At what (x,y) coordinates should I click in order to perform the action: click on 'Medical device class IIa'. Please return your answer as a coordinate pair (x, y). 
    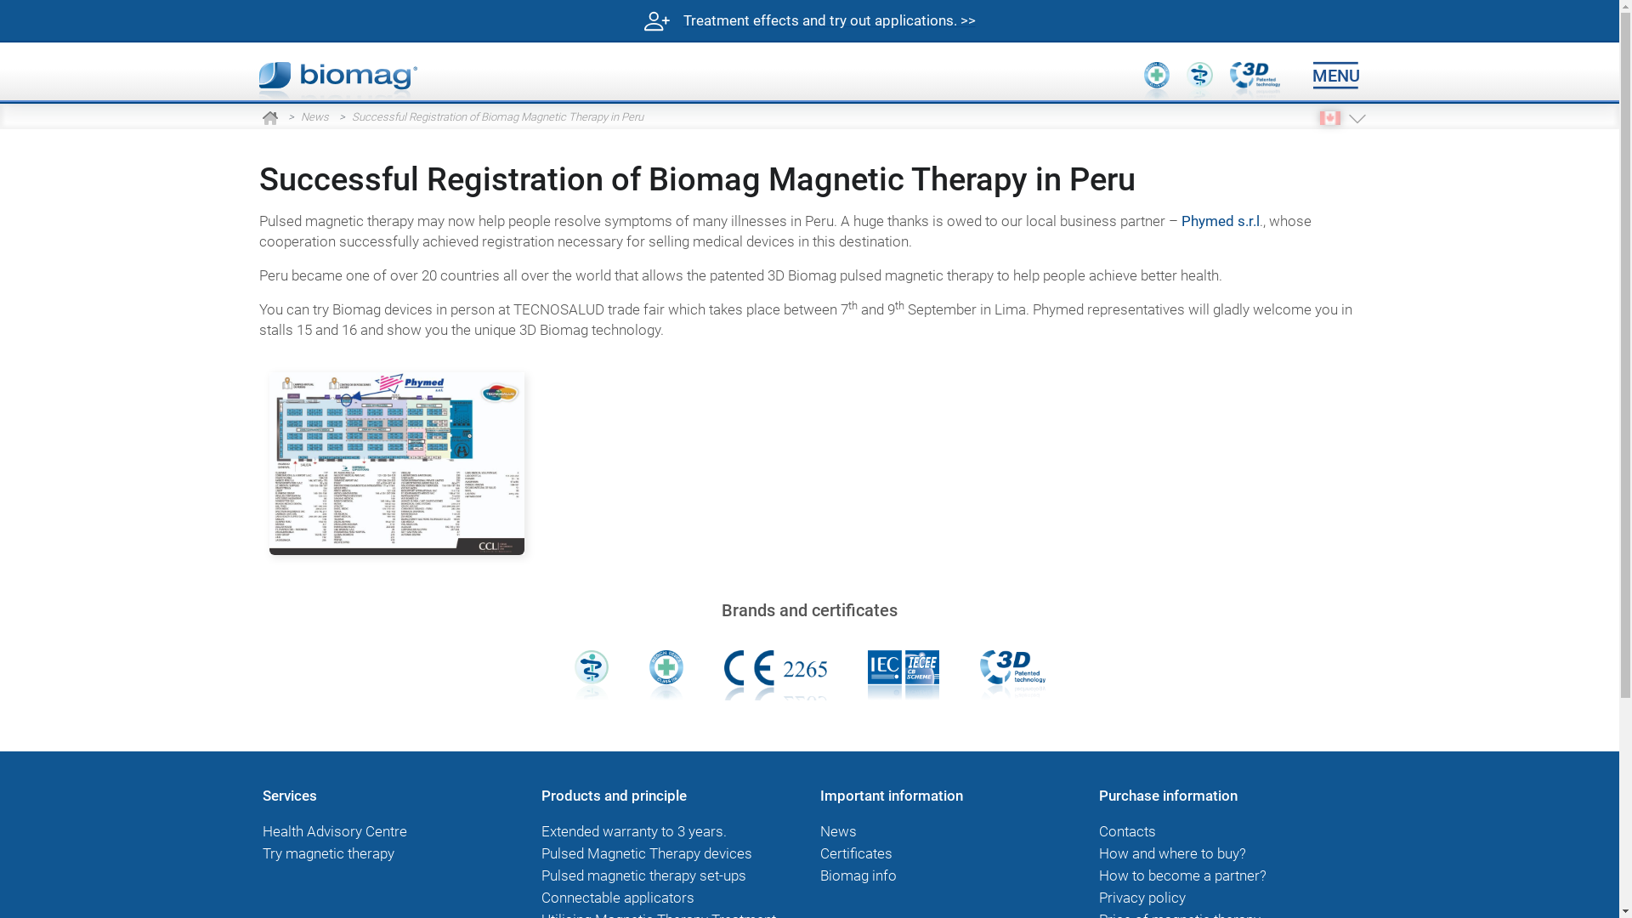
    Looking at the image, I should click on (1156, 81).